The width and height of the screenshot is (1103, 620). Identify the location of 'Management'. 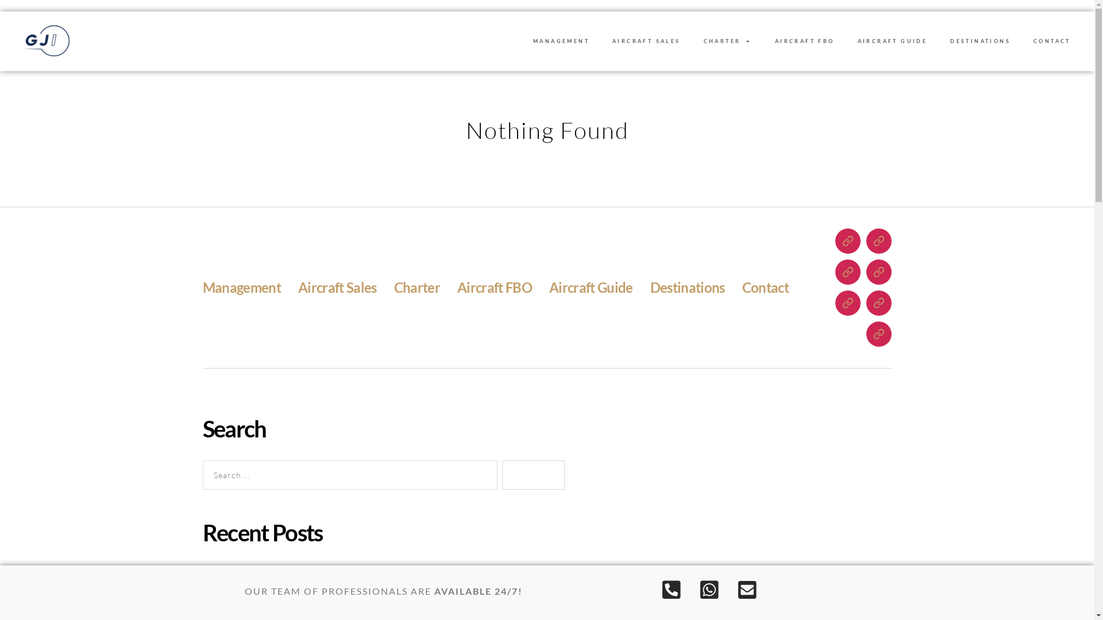
(241, 286).